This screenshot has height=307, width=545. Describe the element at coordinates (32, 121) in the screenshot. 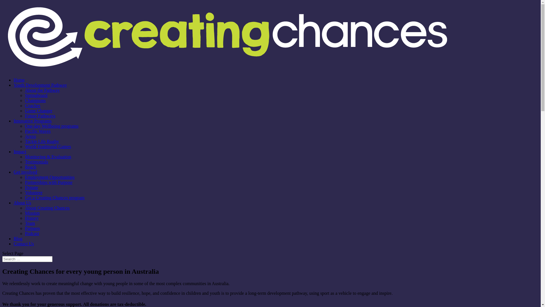

I see `'Innovative Programs'` at that location.